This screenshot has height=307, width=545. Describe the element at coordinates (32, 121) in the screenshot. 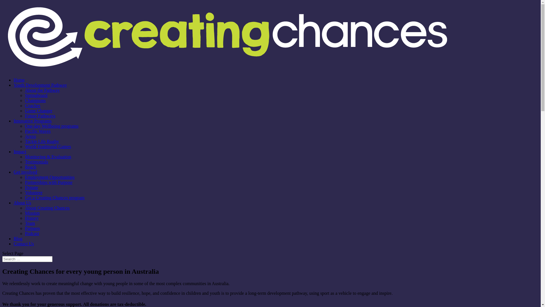

I see `'Innovative Programs'` at that location.